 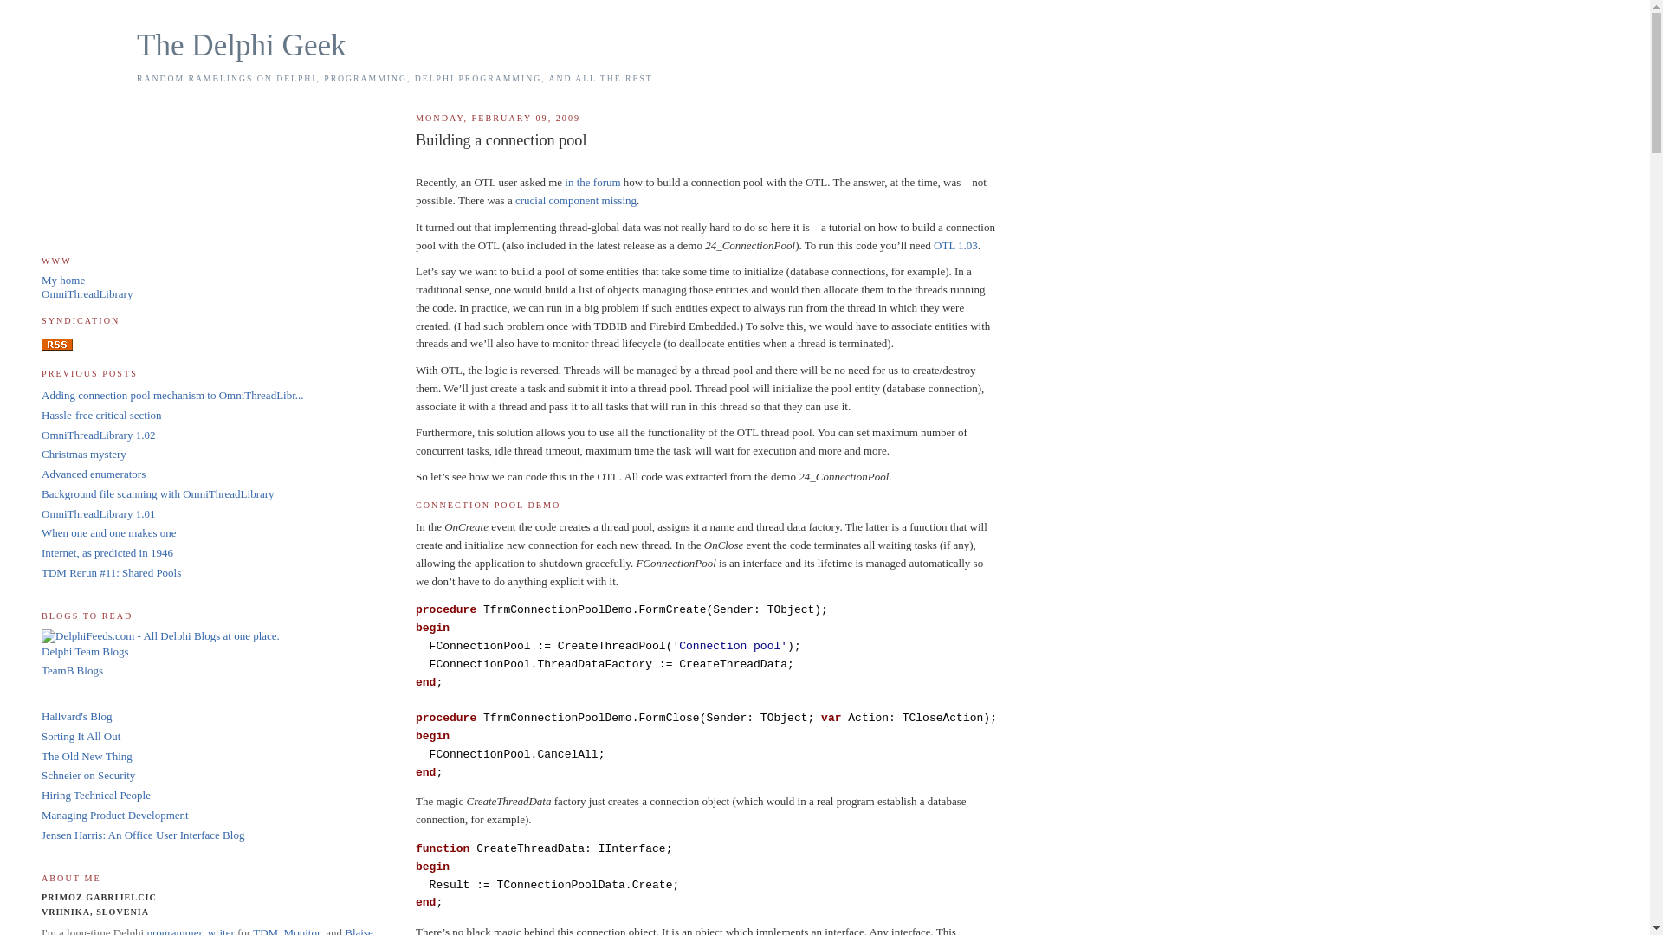 I want to click on 'OmniThreadLibrary 1.01', so click(x=97, y=513).